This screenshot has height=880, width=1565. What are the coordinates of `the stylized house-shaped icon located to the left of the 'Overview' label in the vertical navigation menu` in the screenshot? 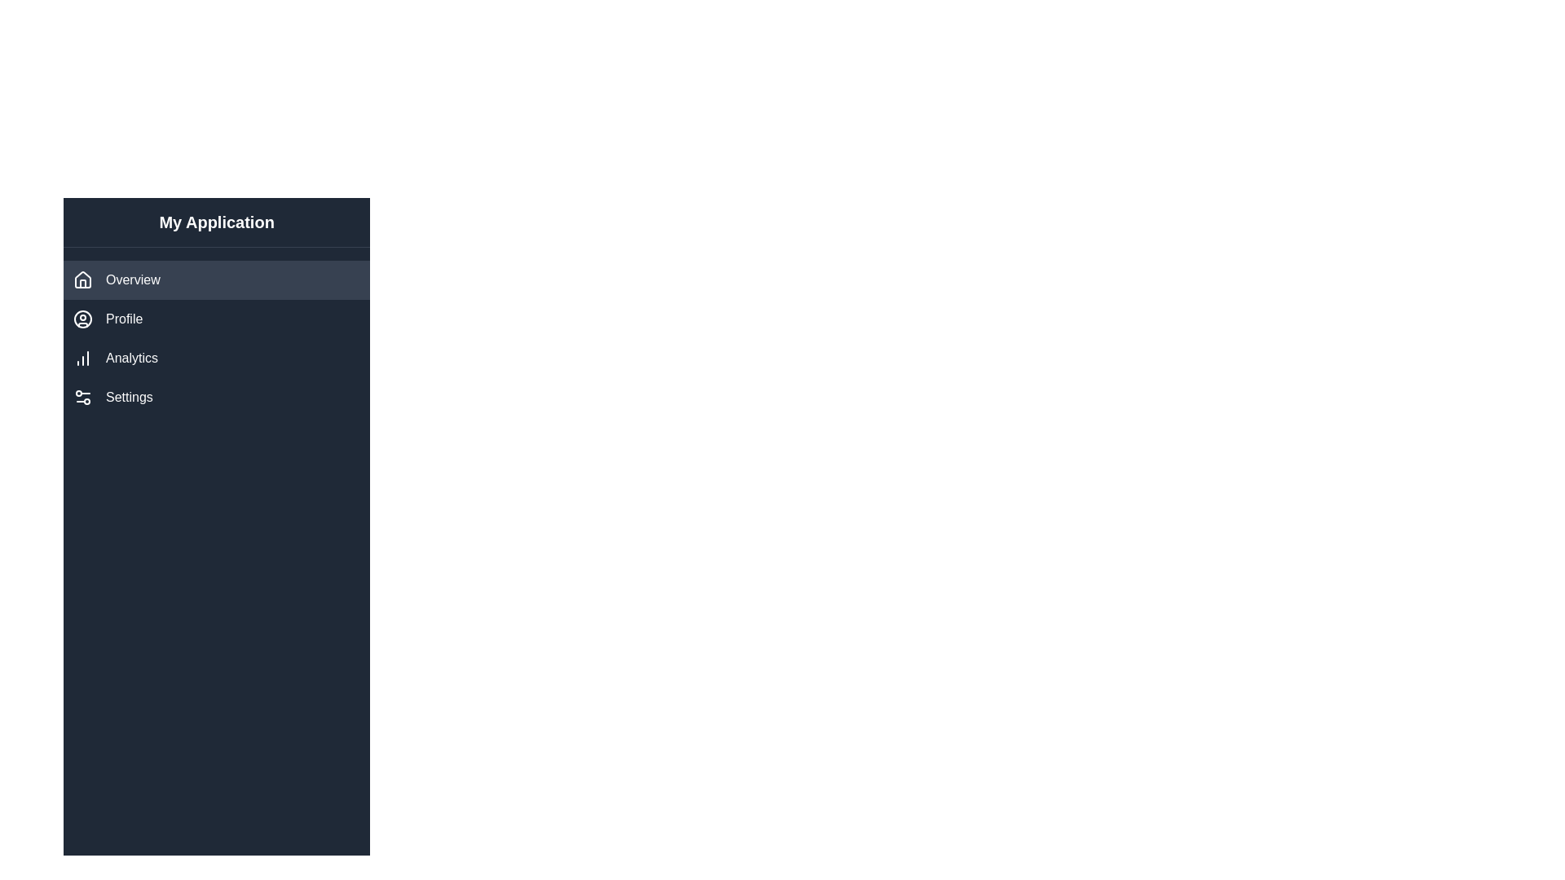 It's located at (82, 279).